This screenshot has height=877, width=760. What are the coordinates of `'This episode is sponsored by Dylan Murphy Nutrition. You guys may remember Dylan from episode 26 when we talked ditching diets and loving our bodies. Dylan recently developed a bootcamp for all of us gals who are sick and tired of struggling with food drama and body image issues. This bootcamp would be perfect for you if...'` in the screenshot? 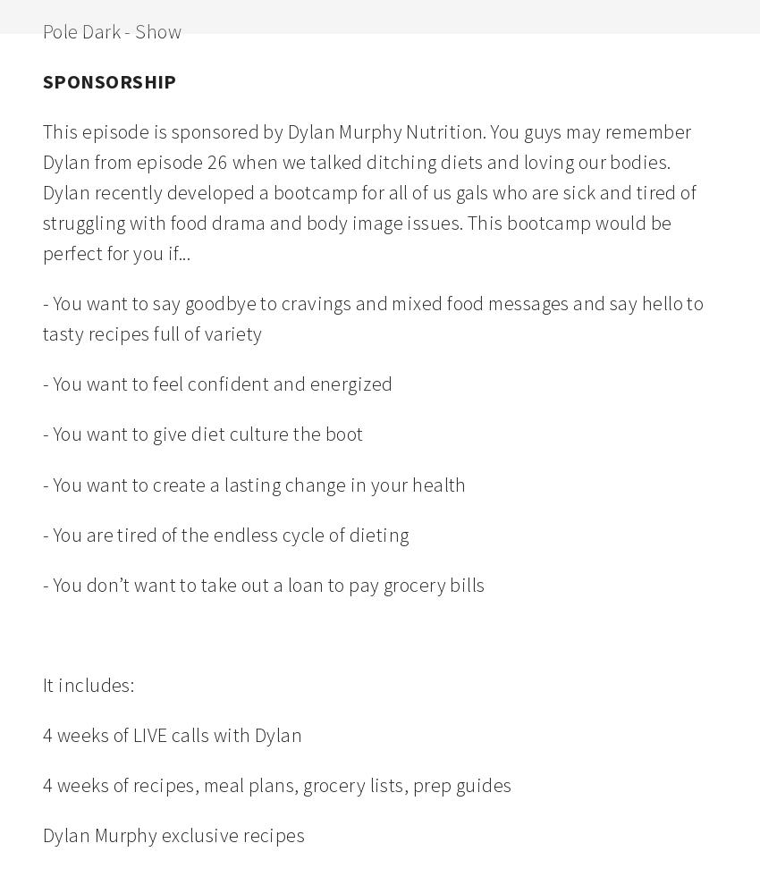 It's located at (371, 190).